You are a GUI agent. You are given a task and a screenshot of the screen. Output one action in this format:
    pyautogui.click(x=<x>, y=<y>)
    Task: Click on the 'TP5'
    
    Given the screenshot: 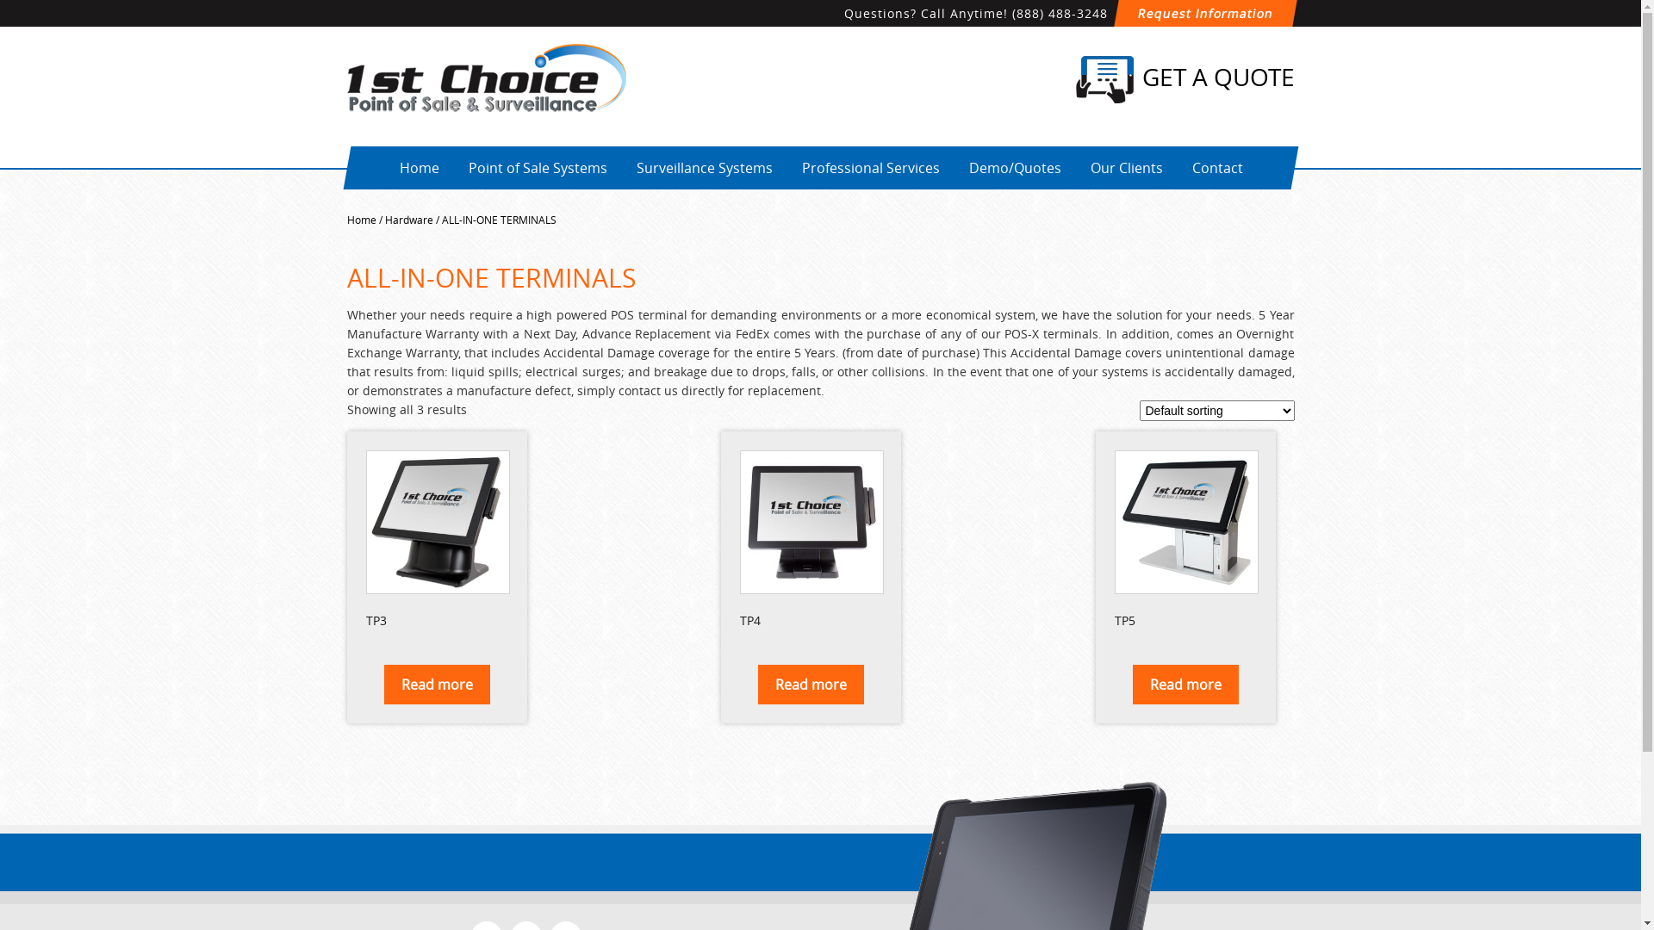 What is the action you would take?
    pyautogui.click(x=1185, y=541)
    